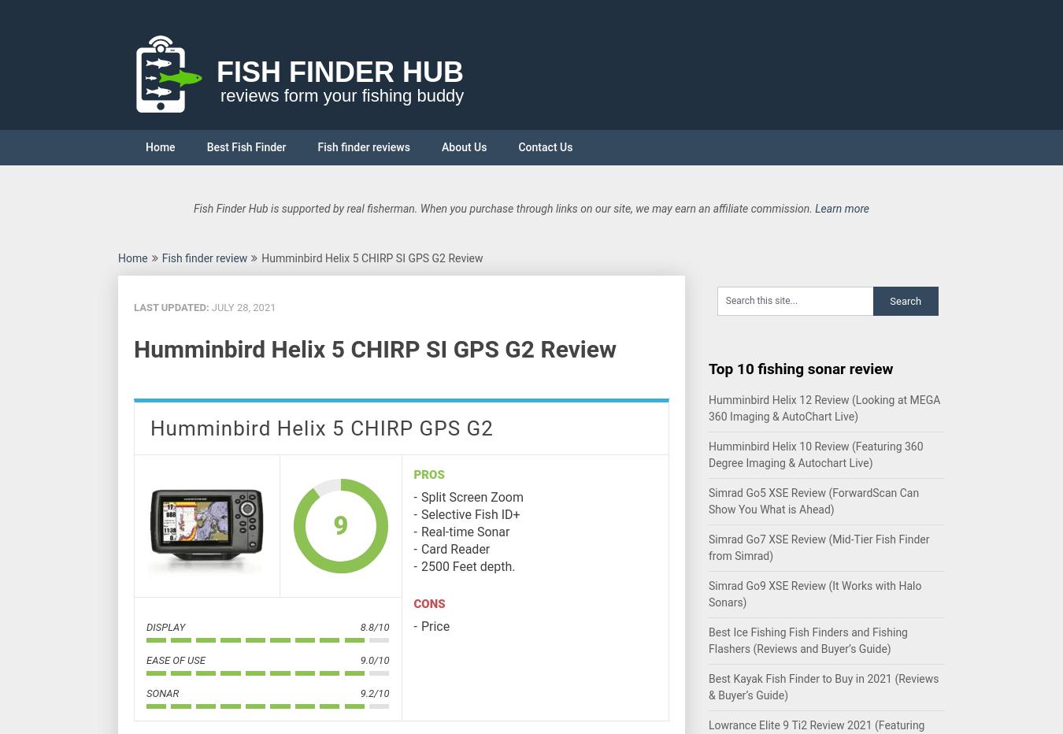 The width and height of the screenshot is (1063, 734). What do you see at coordinates (428, 603) in the screenshot?
I see `'Cons'` at bounding box center [428, 603].